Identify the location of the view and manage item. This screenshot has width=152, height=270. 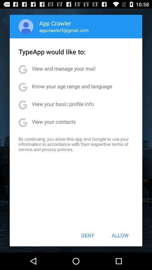
(63, 68).